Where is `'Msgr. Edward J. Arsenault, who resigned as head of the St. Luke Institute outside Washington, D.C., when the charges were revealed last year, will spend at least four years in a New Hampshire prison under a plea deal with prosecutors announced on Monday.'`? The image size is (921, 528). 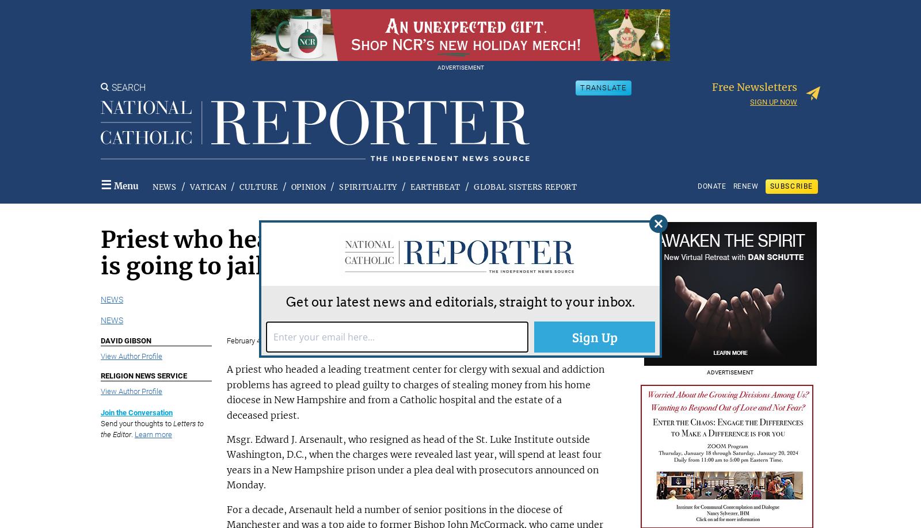
'Msgr. Edward J. Arsenault, who resigned as head of the St. Luke Institute outside Washington, D.C., when the charges were revealed last year, will spend at least four years in a New Hampshire prison under a plea deal with prosecutors announced on Monday.' is located at coordinates (226, 461).